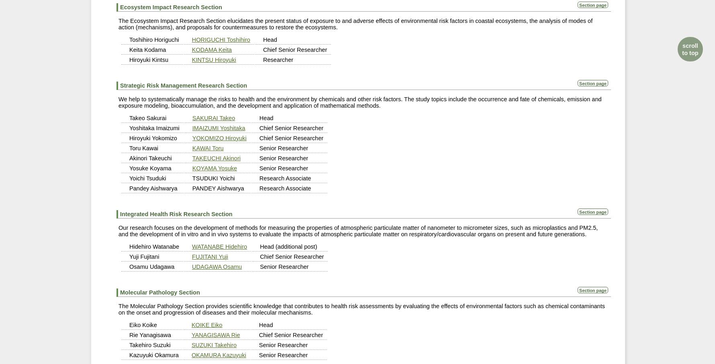  Describe the element at coordinates (150, 157) in the screenshot. I see `'Akinori Takeuchi'` at that location.